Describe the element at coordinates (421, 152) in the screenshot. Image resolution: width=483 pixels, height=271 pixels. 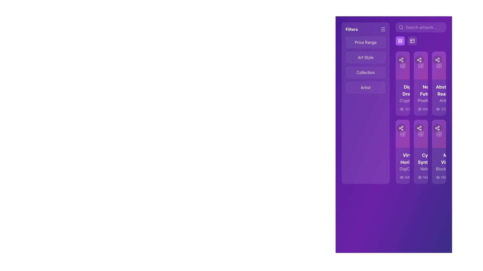
I see `the second artwork or product card in the grid layout` at that location.